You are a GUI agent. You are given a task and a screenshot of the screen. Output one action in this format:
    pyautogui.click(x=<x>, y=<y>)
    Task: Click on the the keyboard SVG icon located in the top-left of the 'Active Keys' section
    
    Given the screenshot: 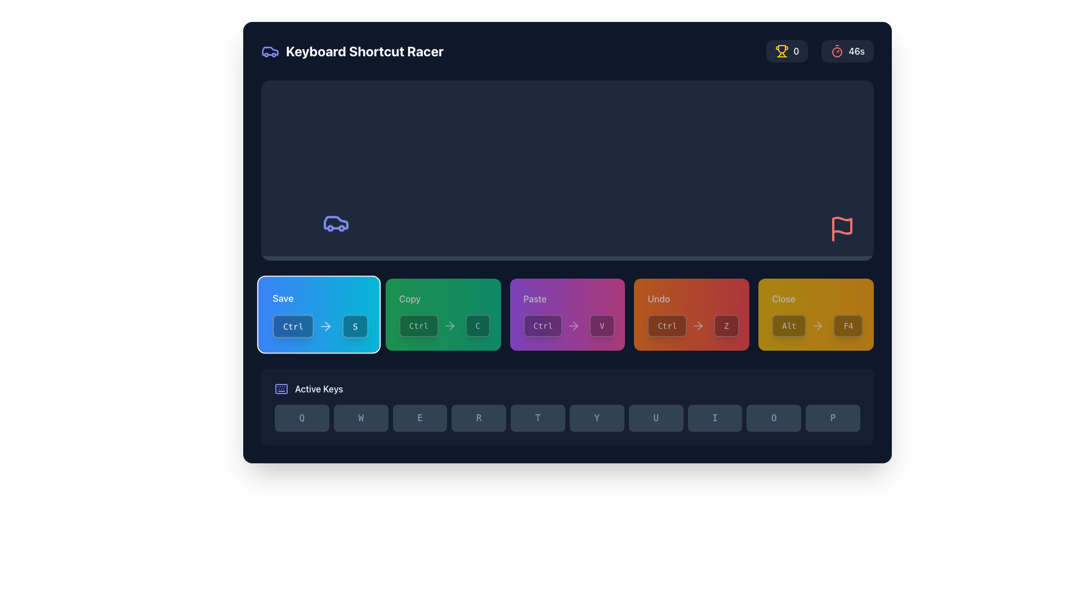 What is the action you would take?
    pyautogui.click(x=281, y=388)
    